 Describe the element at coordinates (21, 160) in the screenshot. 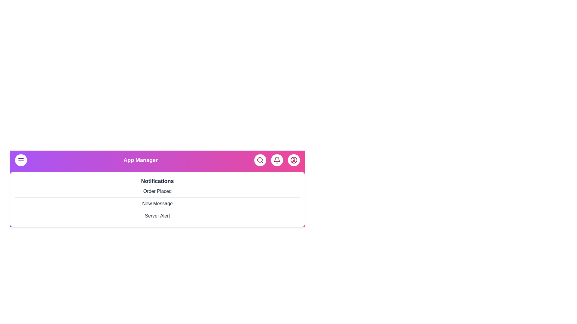

I see `the menu button to toggle the menu` at that location.